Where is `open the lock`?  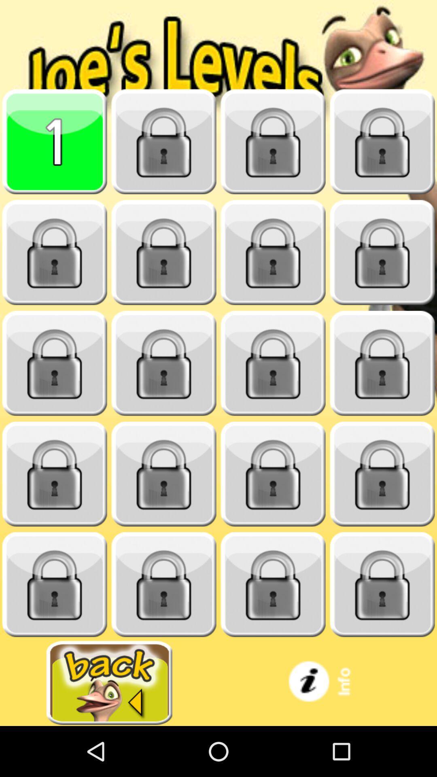
open the lock is located at coordinates (273, 363).